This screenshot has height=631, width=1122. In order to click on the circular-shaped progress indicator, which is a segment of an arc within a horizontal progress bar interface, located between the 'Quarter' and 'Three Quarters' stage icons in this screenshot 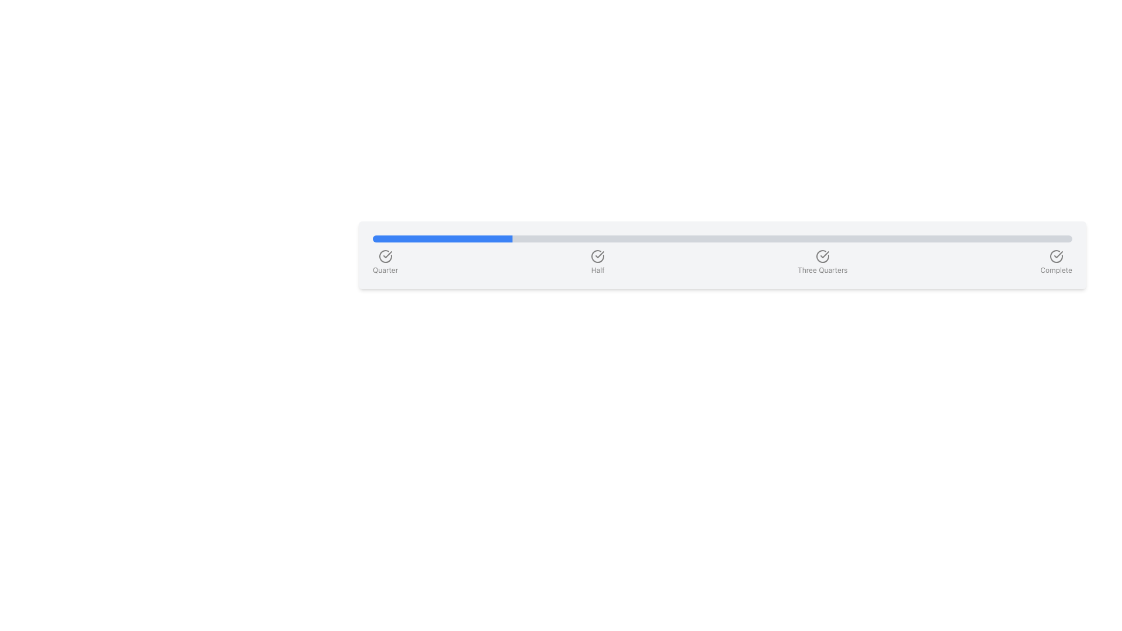, I will do `click(598, 256)`.